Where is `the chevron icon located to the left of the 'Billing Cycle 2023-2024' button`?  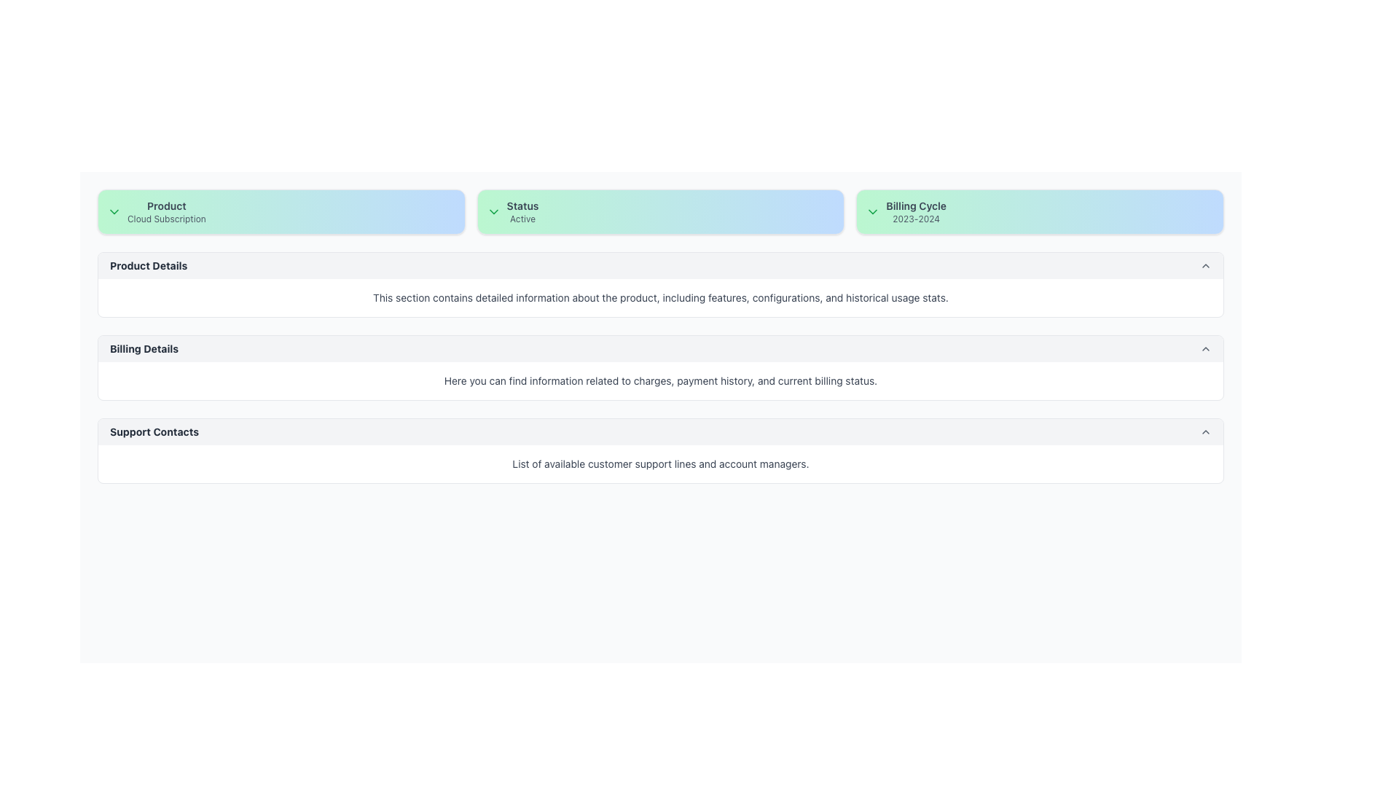 the chevron icon located to the left of the 'Billing Cycle 2023-2024' button is located at coordinates (873, 211).